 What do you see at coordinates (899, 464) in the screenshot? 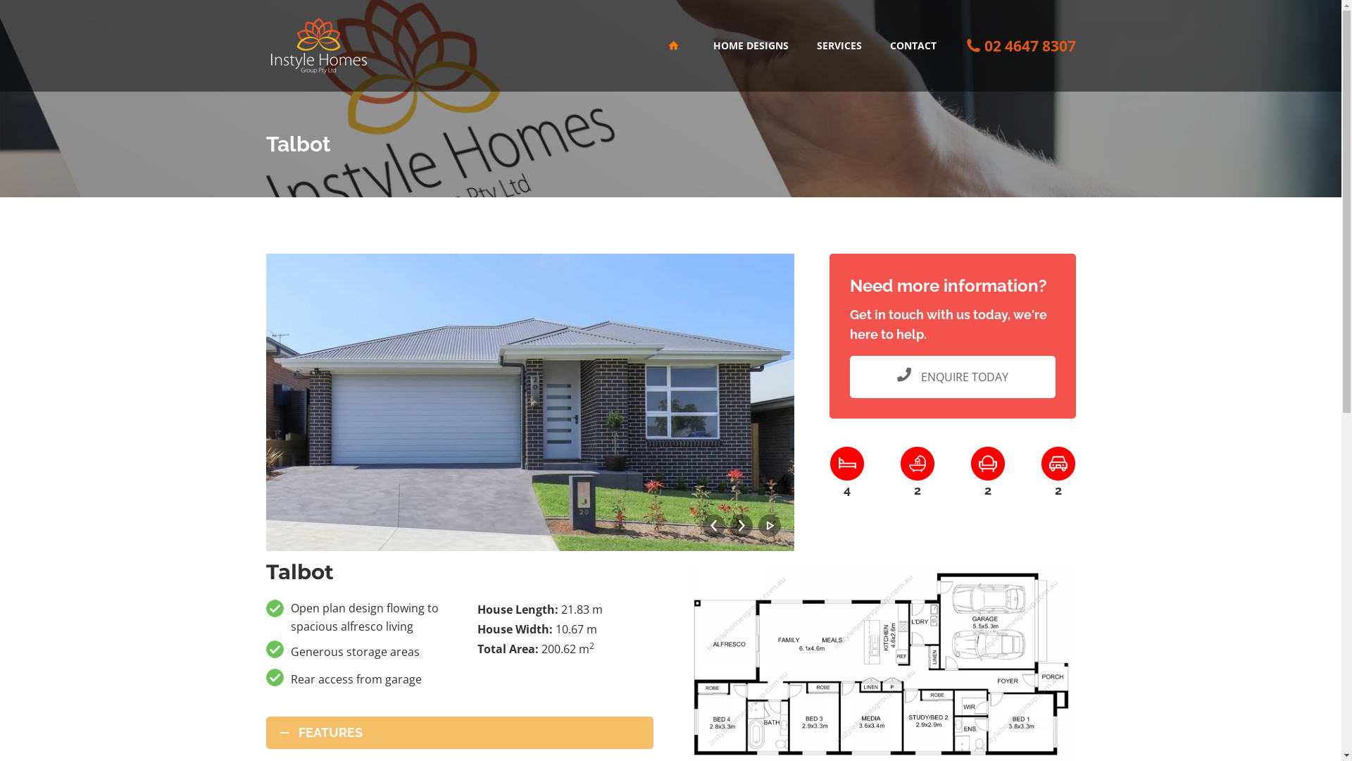
I see `'Bath Rooms'` at bounding box center [899, 464].